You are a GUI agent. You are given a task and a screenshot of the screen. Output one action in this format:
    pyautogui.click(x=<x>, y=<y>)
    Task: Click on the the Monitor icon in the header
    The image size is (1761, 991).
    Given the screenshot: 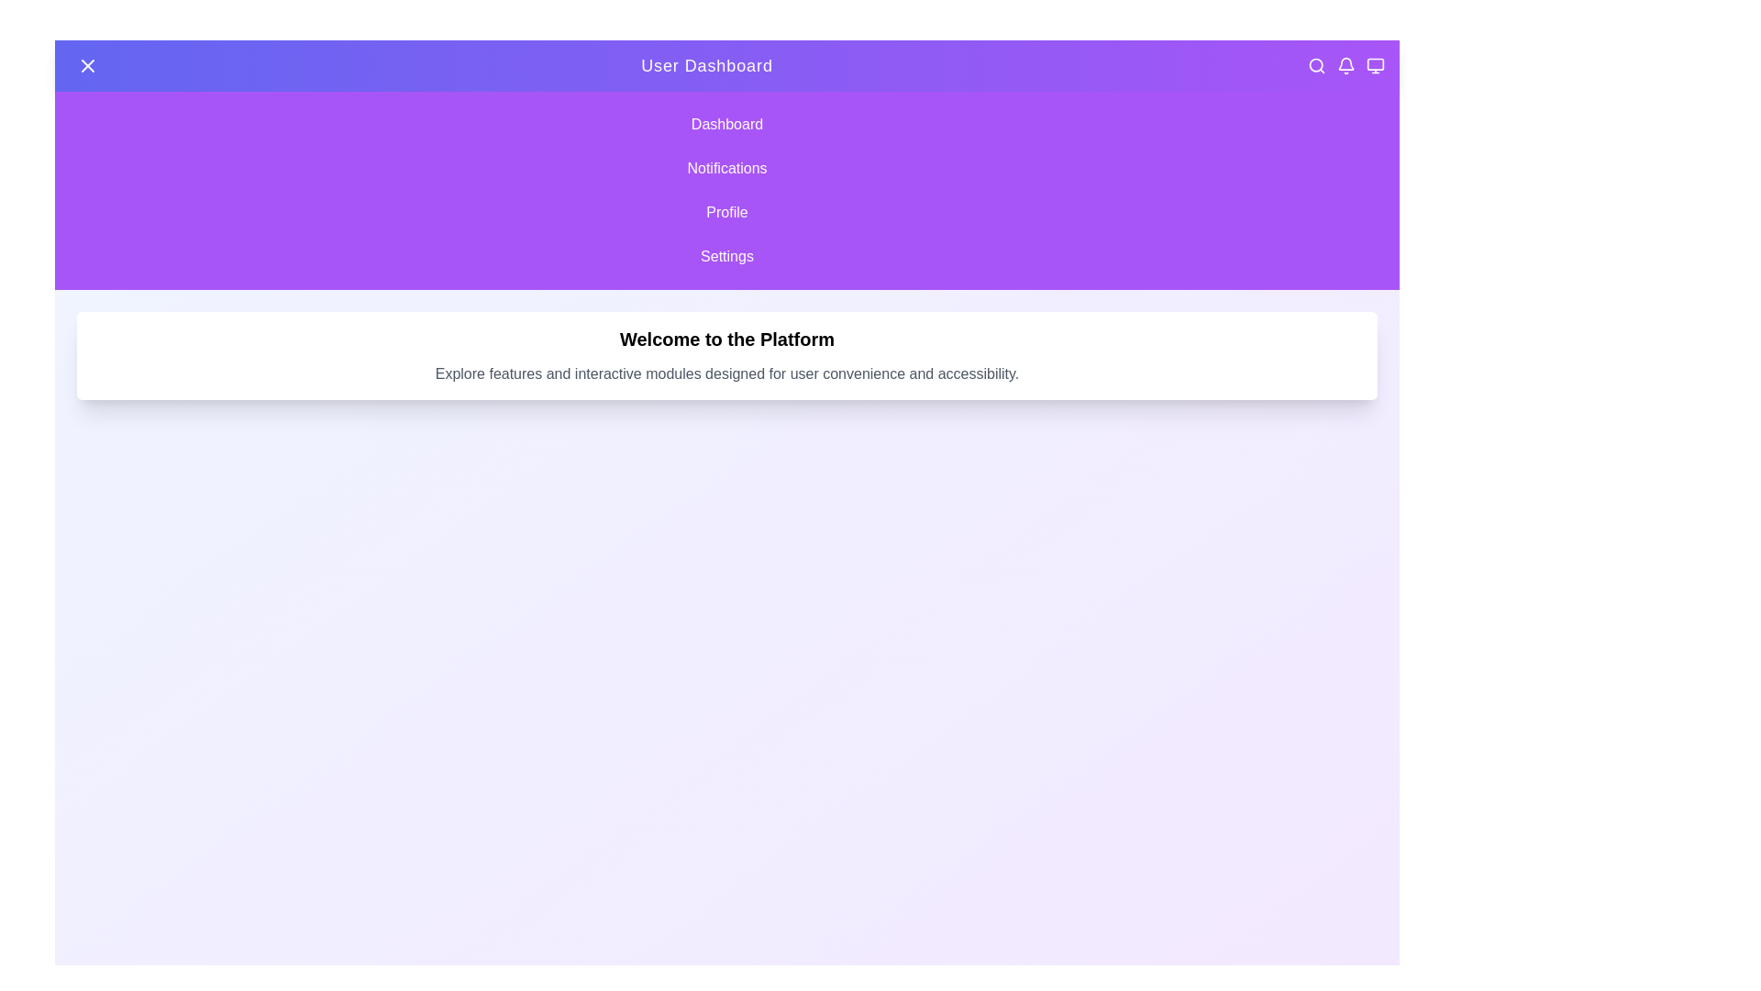 What is the action you would take?
    pyautogui.click(x=1375, y=65)
    